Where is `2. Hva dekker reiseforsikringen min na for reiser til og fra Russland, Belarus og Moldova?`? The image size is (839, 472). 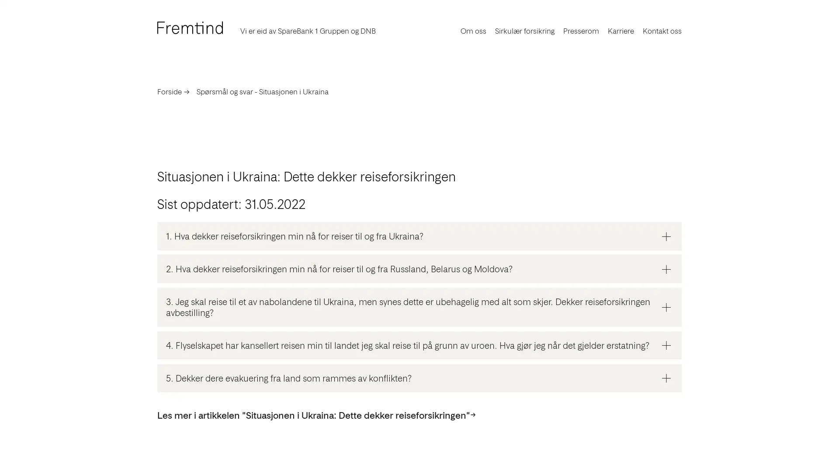
2. Hva dekker reiseforsikringen min na for reiser til og fra Russland, Belarus og Moldova? is located at coordinates (419, 268).